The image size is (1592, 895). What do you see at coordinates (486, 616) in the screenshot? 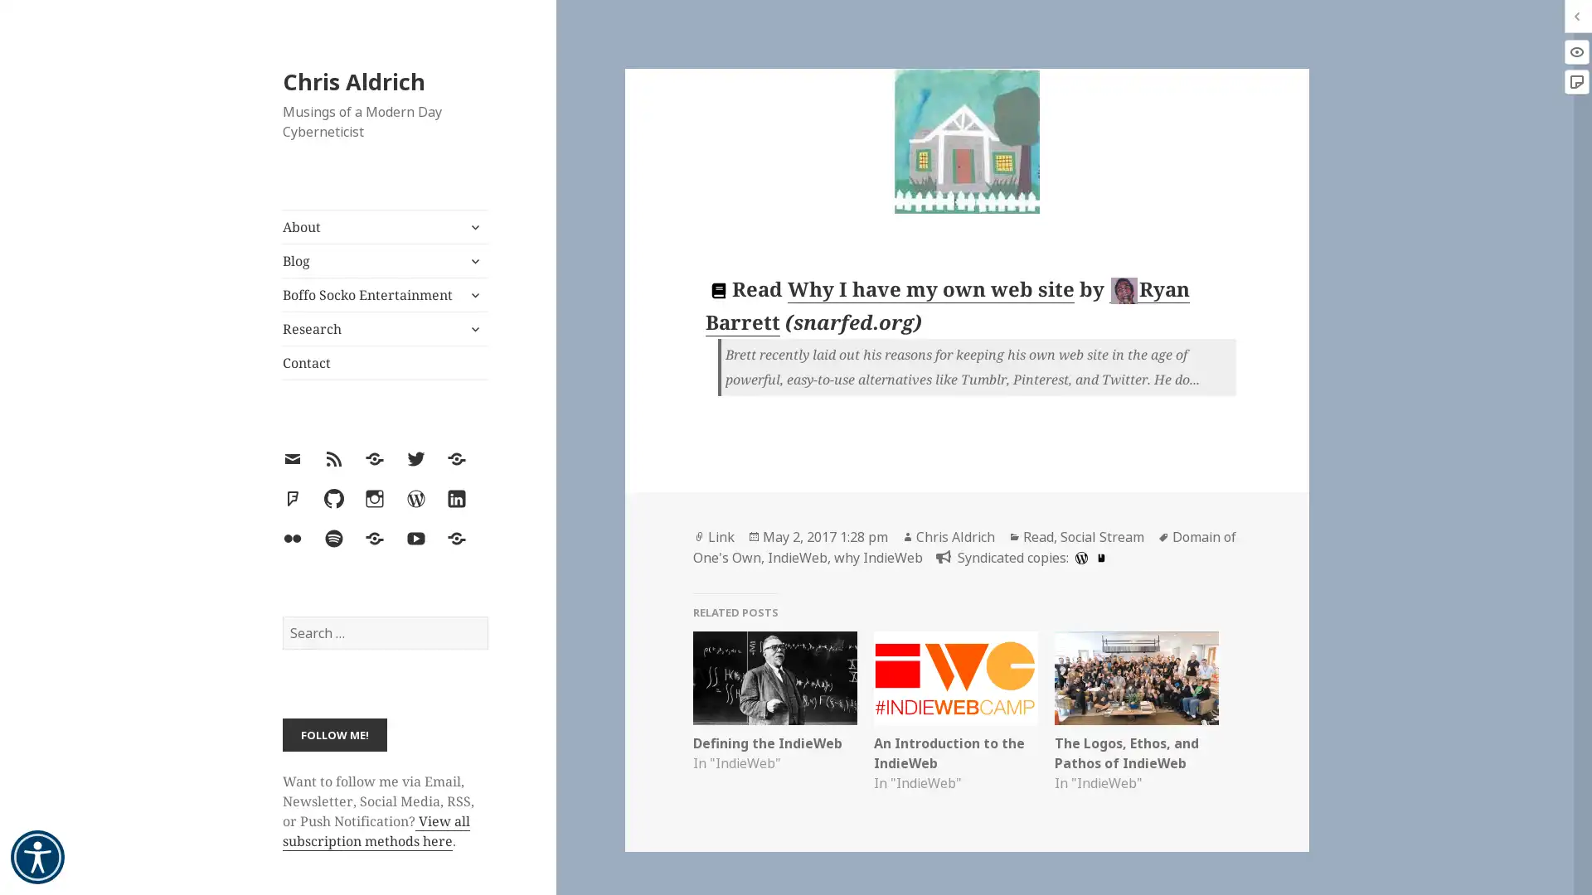
I see `Search` at bounding box center [486, 616].